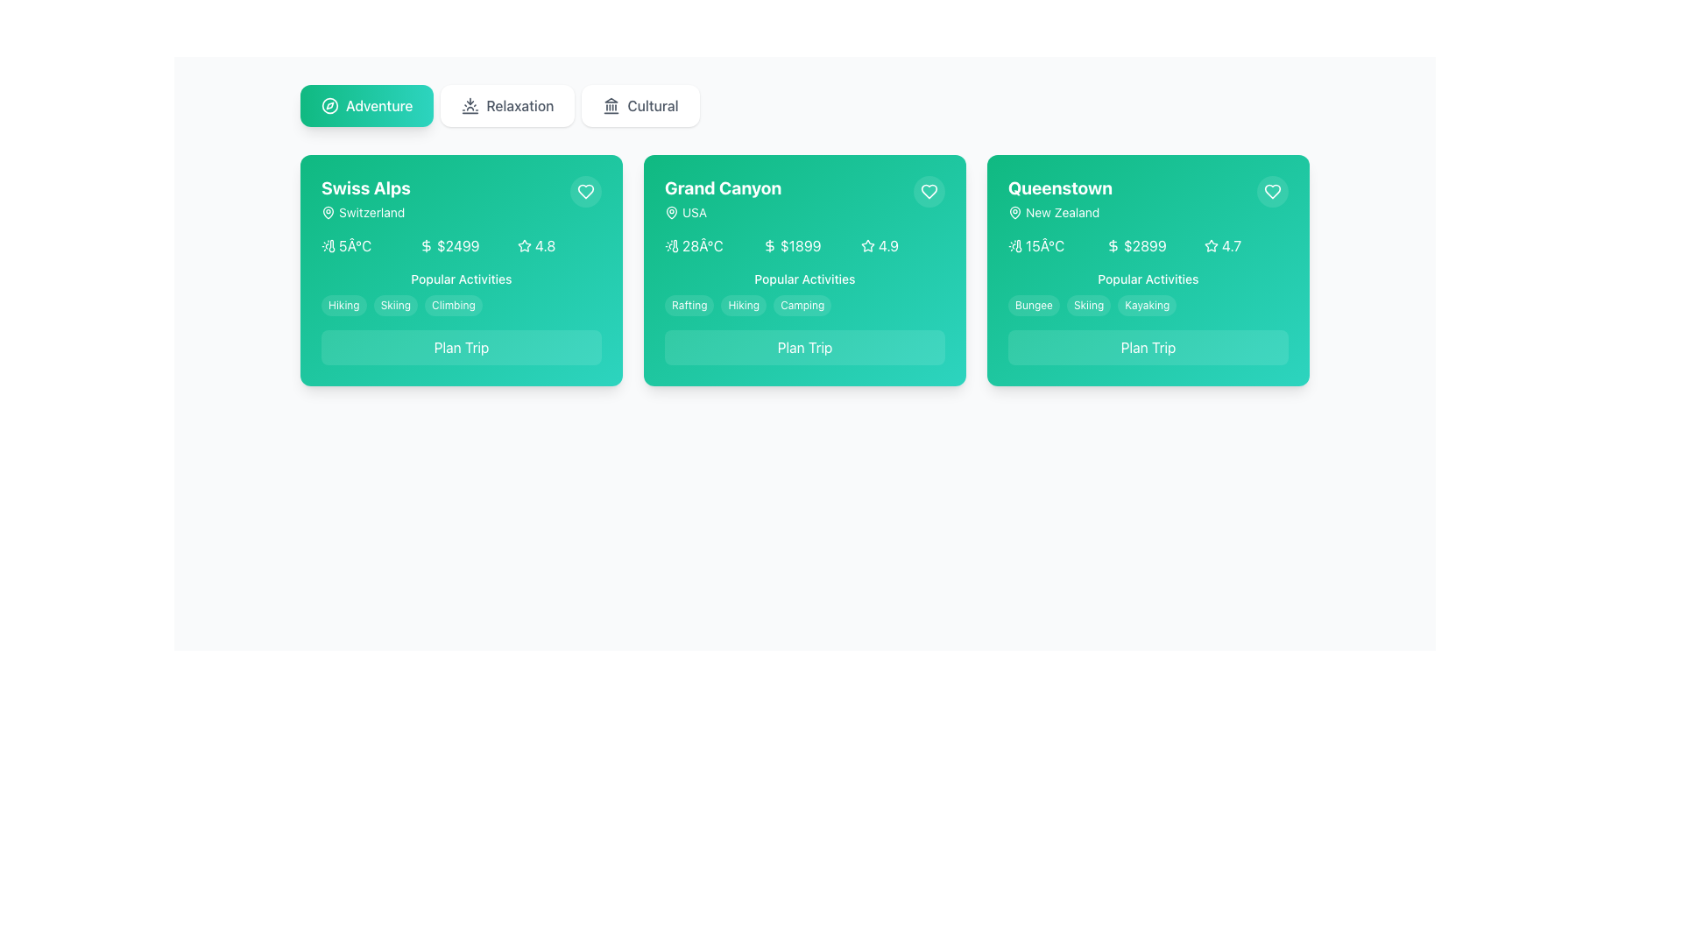 Image resolution: width=1682 pixels, height=946 pixels. Describe the element at coordinates (519, 105) in the screenshot. I see `the 'Relaxation' text label within the navigation bar, which is styled in grey bold font and centered in a white rounded rectangle` at that location.